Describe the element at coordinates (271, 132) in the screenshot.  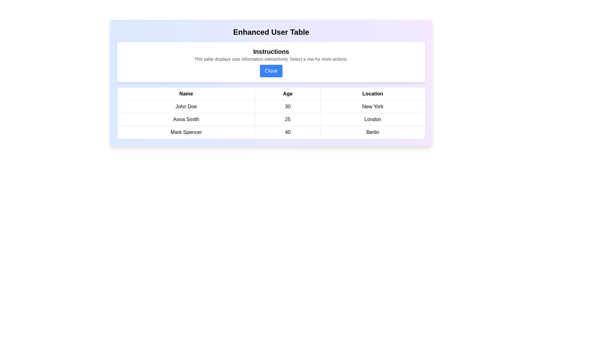
I see `the third row of the table displaying 'Mark Spencer', '40', and 'Berlin'` at that location.